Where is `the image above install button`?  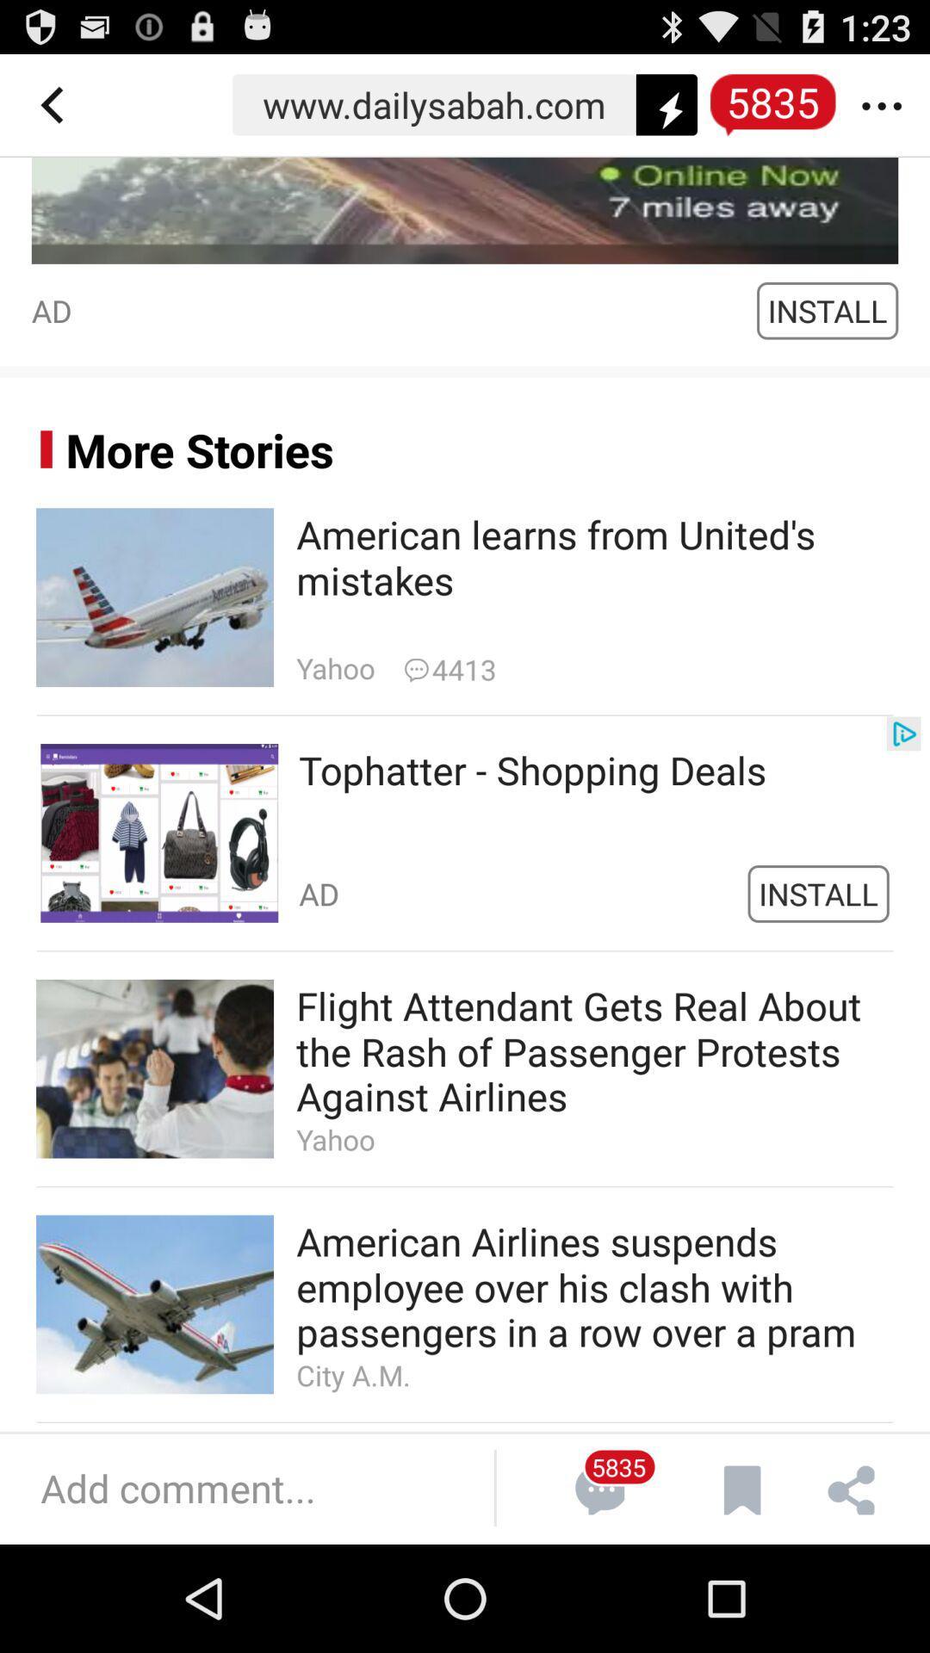
the image above install button is located at coordinates (465, 209).